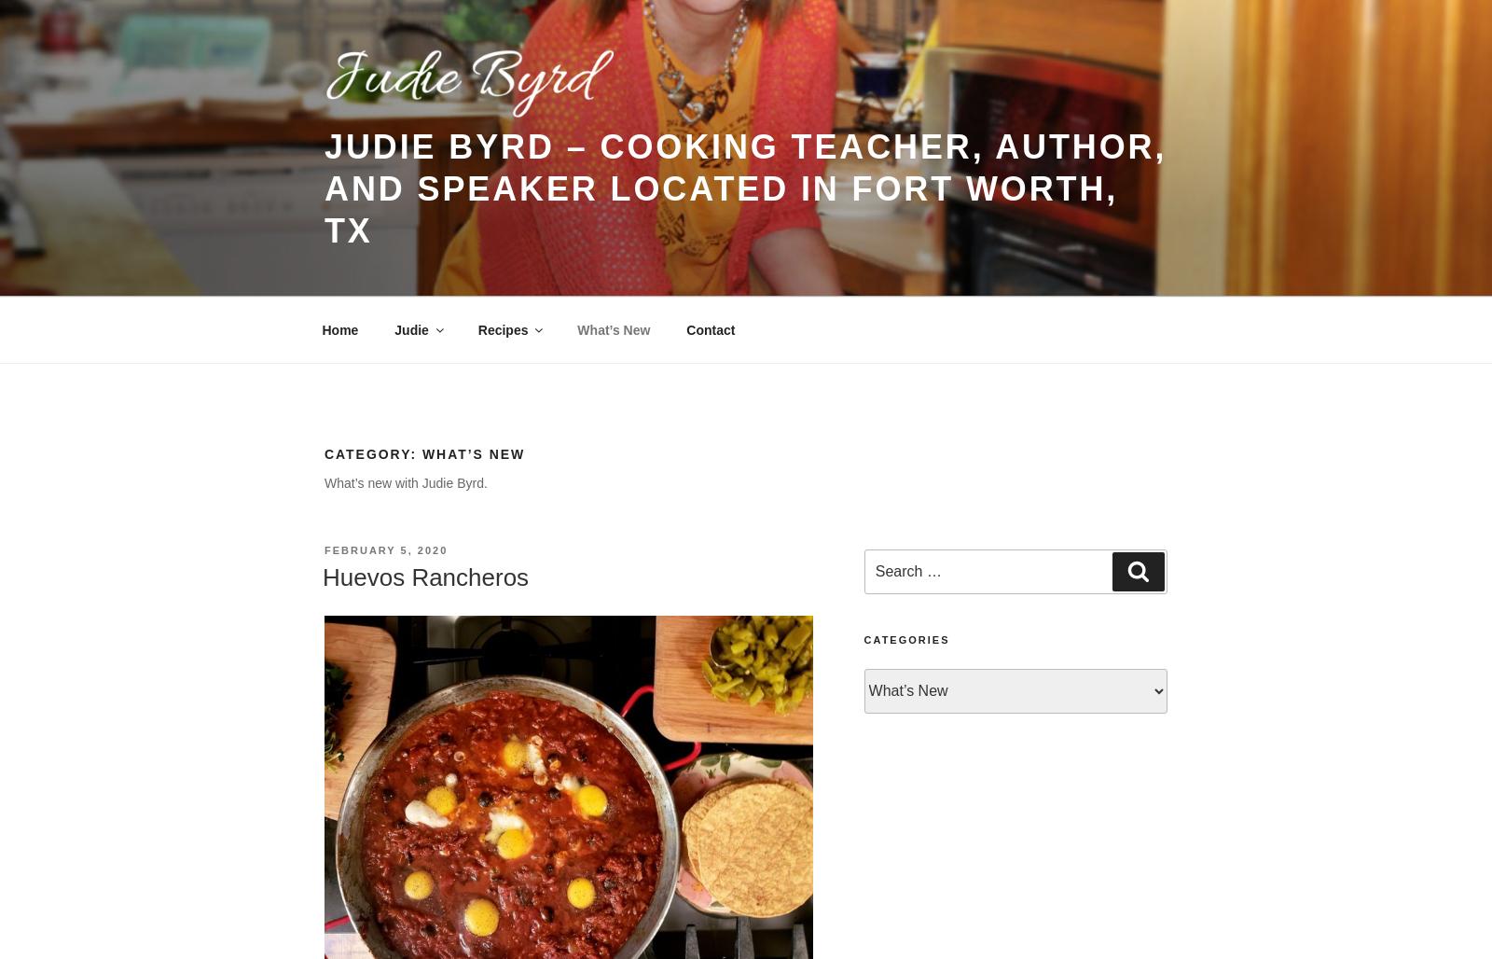 This screenshot has height=959, width=1492. What do you see at coordinates (424, 576) in the screenshot?
I see `'Huevos Rancheros'` at bounding box center [424, 576].